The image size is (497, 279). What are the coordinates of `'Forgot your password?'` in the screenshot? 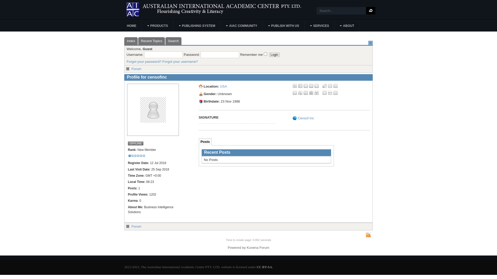 It's located at (144, 61).